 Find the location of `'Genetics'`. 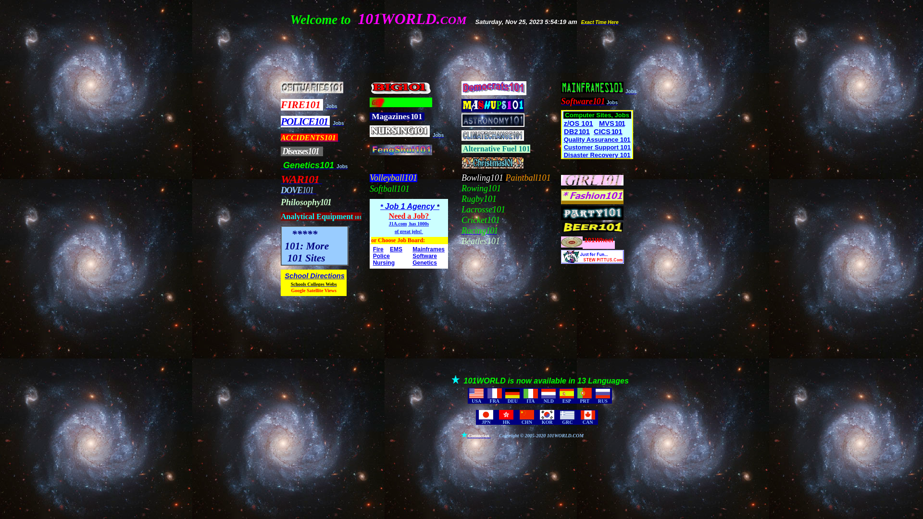

'Genetics' is located at coordinates (424, 262).